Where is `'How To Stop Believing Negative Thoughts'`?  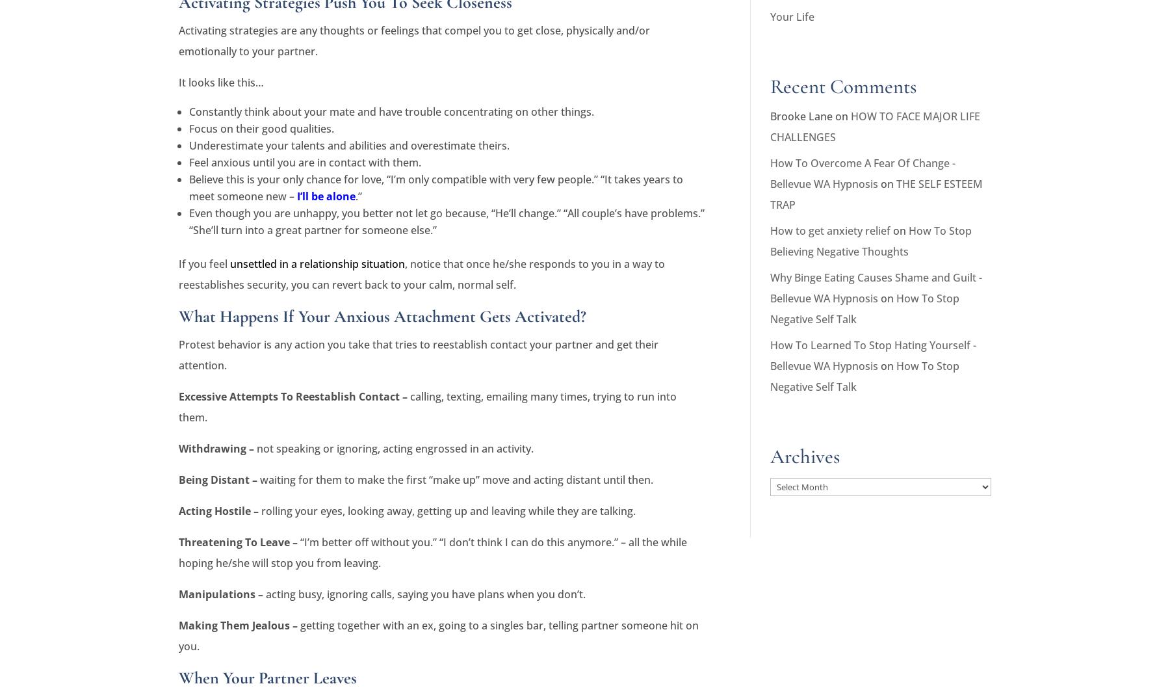 'How To Stop Believing Negative Thoughts' is located at coordinates (870, 241).